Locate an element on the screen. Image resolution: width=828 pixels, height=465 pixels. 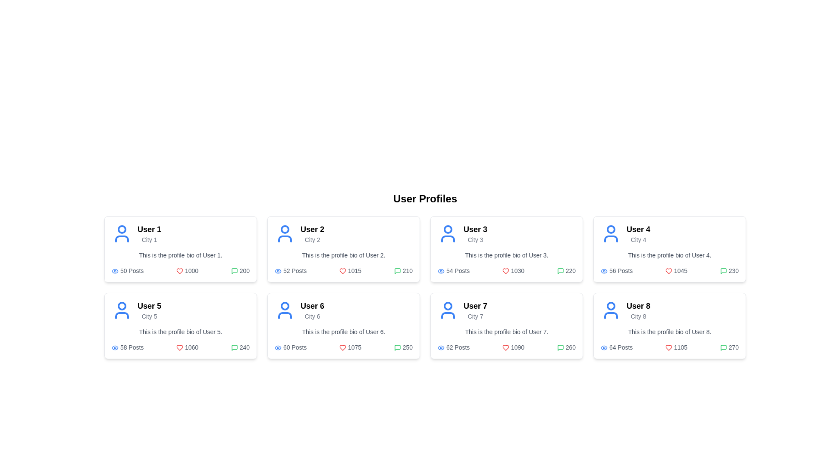
the blue outline eye icon representing visibility in the user profile card for 'User 5' located at the bottom left of the 'User Profiles' section is located at coordinates (115, 347).